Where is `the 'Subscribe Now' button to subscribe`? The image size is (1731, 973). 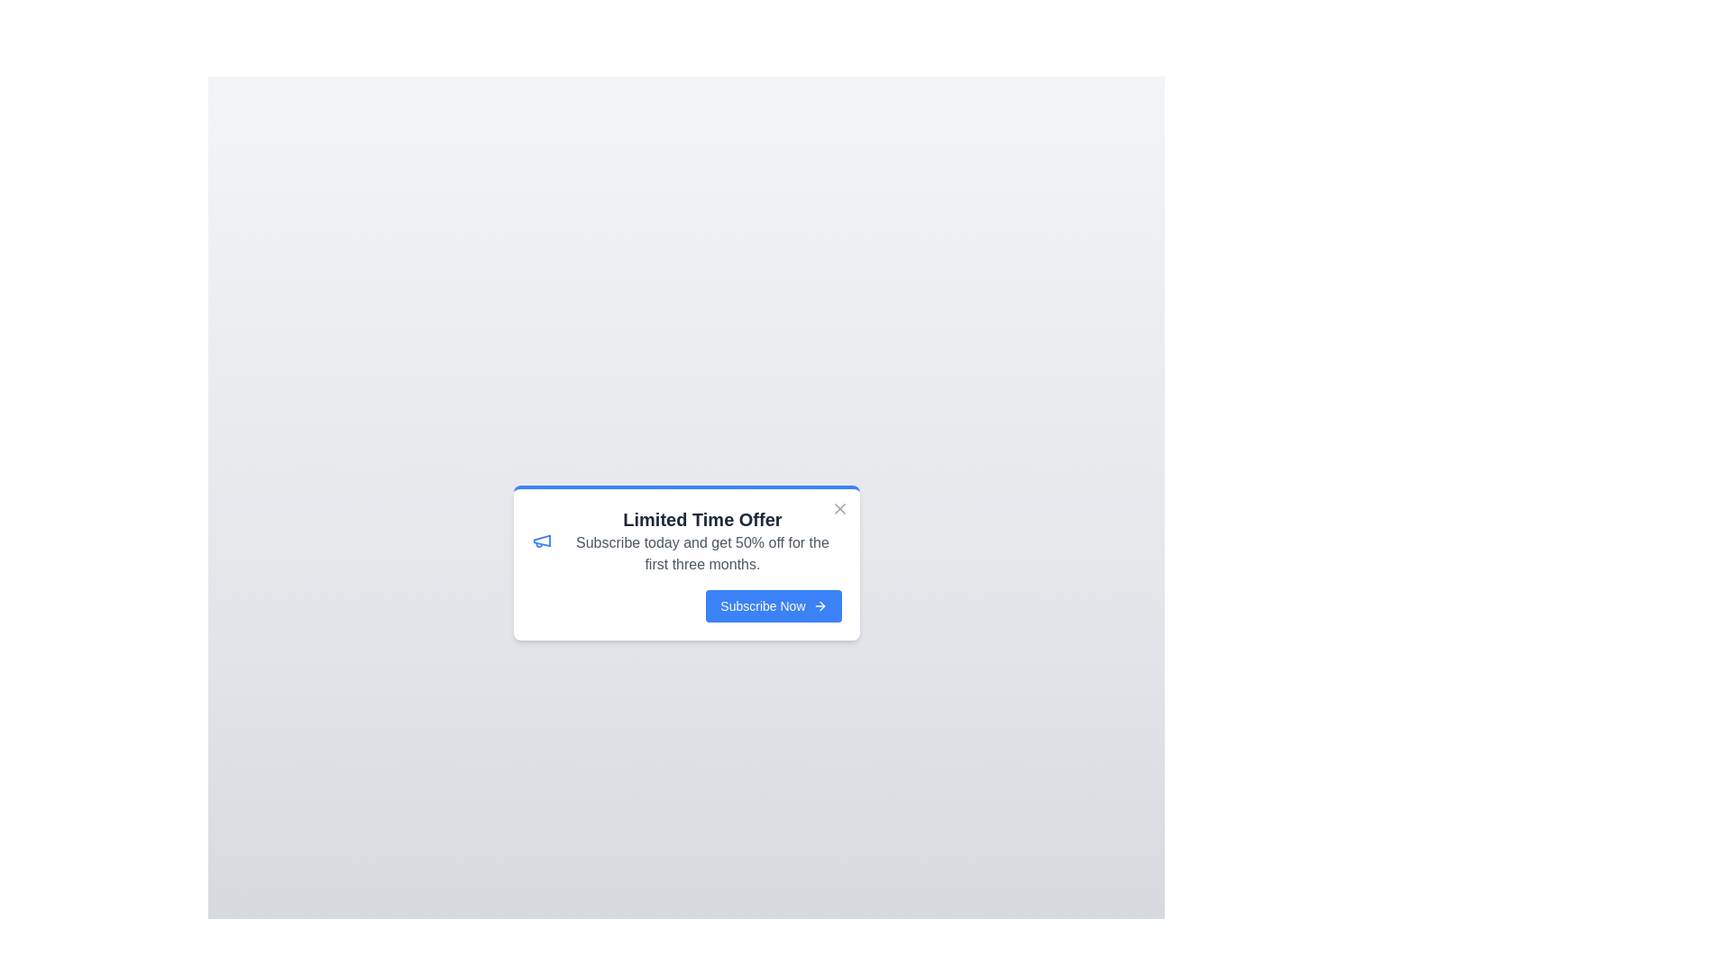
the 'Subscribe Now' button to subscribe is located at coordinates (774, 605).